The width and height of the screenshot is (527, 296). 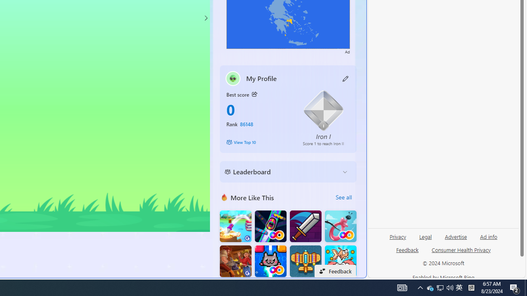 I want to click on 'Bumper Car FRVR', so click(x=270, y=226).